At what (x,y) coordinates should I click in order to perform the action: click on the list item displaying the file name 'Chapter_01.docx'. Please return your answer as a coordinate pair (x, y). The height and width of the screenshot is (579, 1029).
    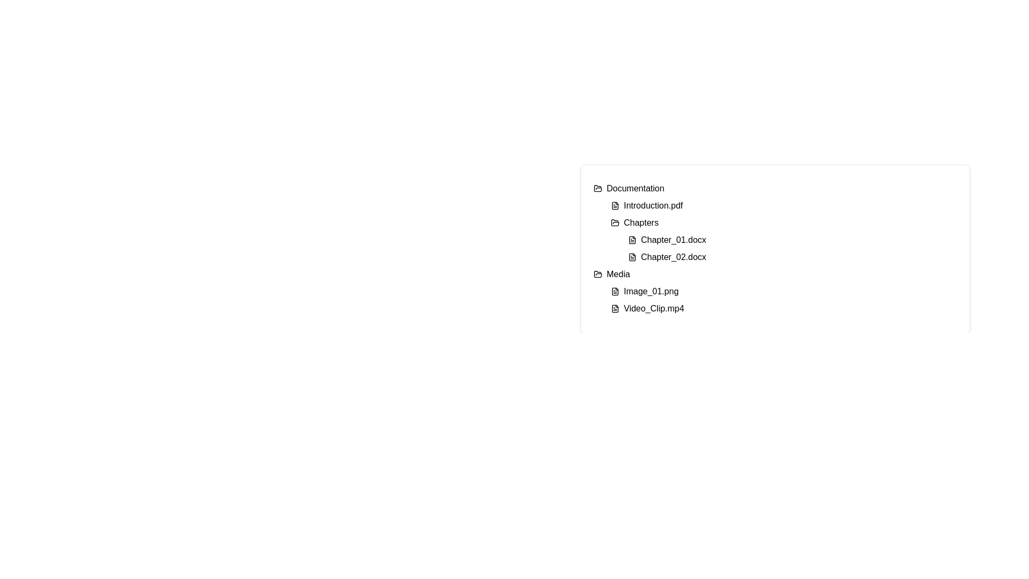
    Looking at the image, I should click on (792, 239).